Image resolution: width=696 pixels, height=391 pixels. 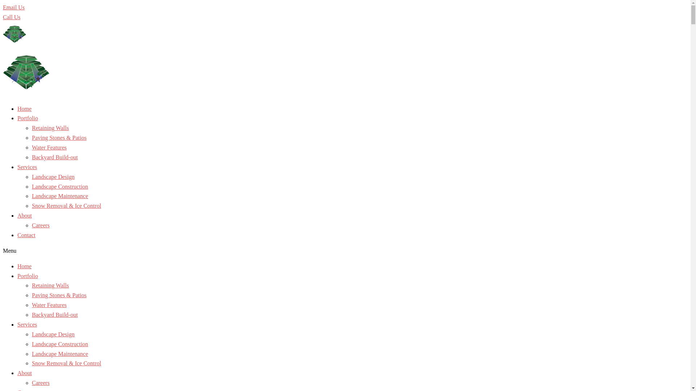 What do you see at coordinates (3, 17) in the screenshot?
I see `'Call Us'` at bounding box center [3, 17].